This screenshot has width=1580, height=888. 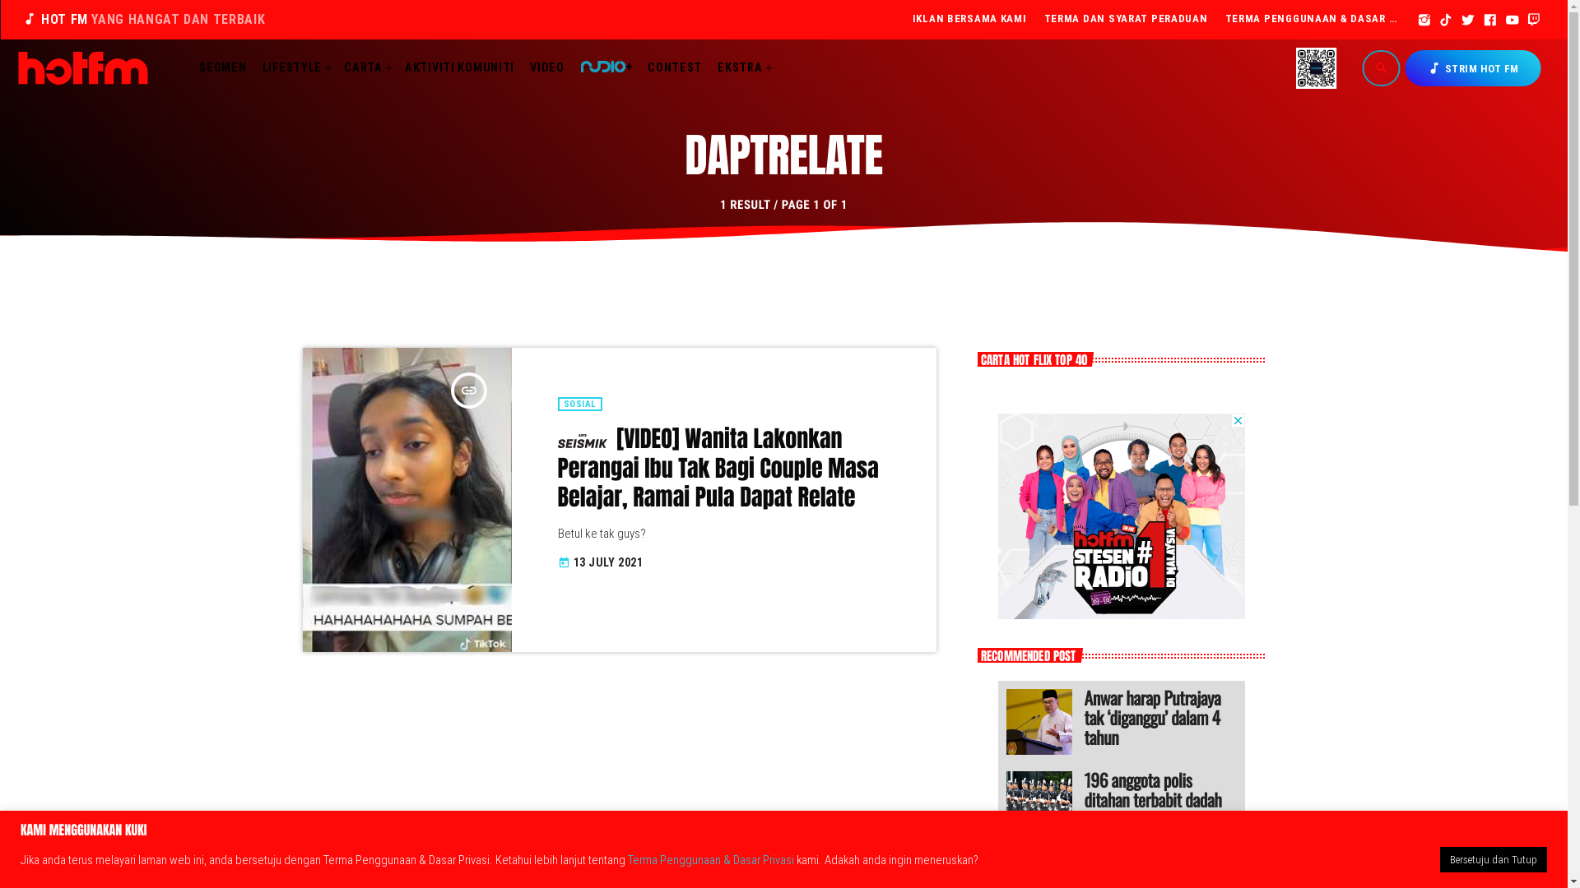 I want to click on 'VIDEO', so click(x=547, y=67).